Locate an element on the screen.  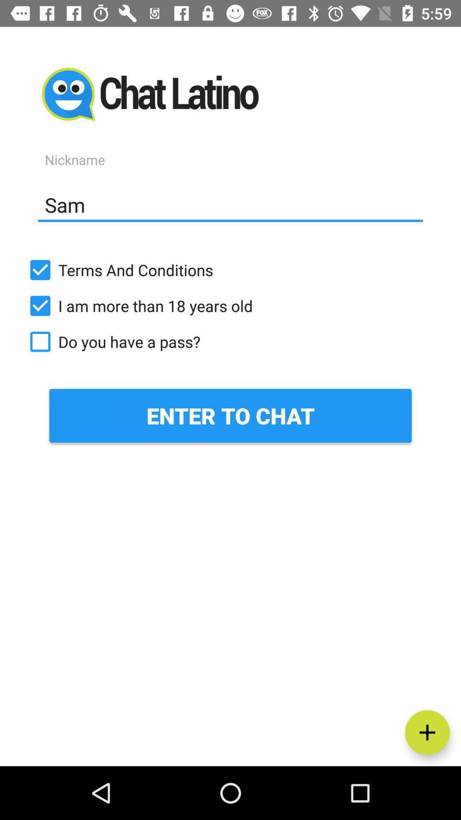
the i am more item is located at coordinates (230, 306).